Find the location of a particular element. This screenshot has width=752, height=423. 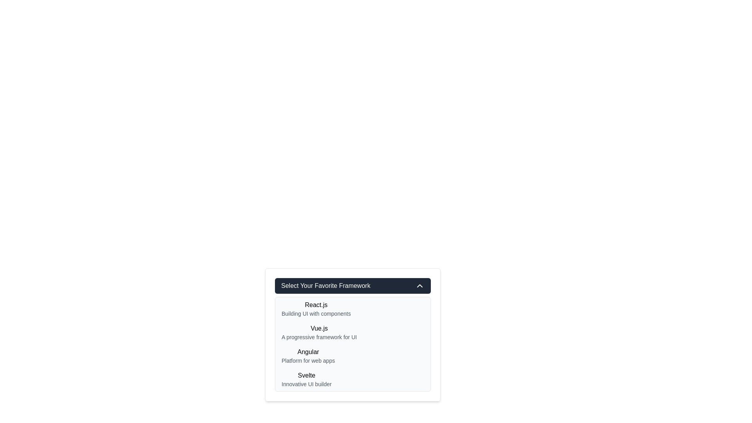

the individual framework options in the dropdown menu titled 'Select Your Favorite Framework' is located at coordinates (352, 335).